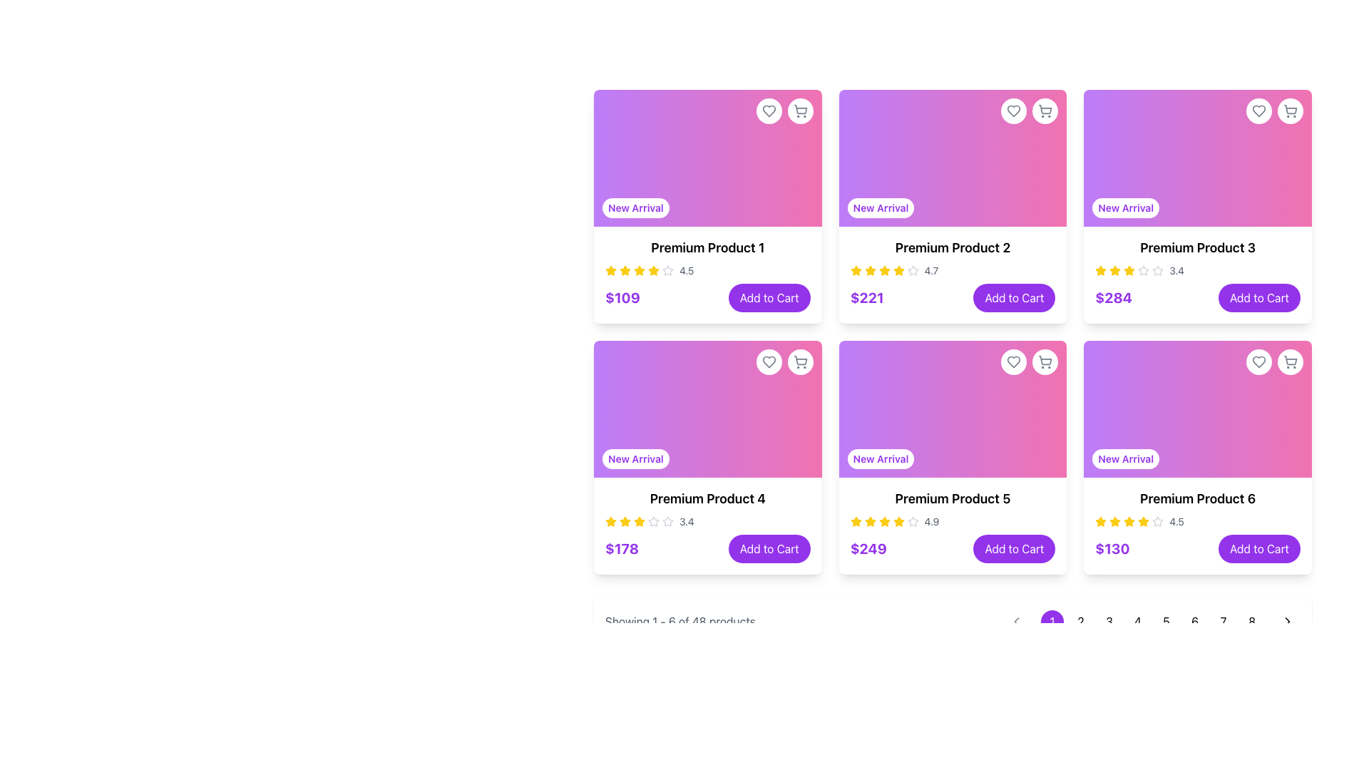 The width and height of the screenshot is (1369, 770). I want to click on the rating value displayed as '3.4' in the Rating Component, which consists of three yellow stars and two gray stars, located below the product title 'Premium Product 4', so click(707, 522).